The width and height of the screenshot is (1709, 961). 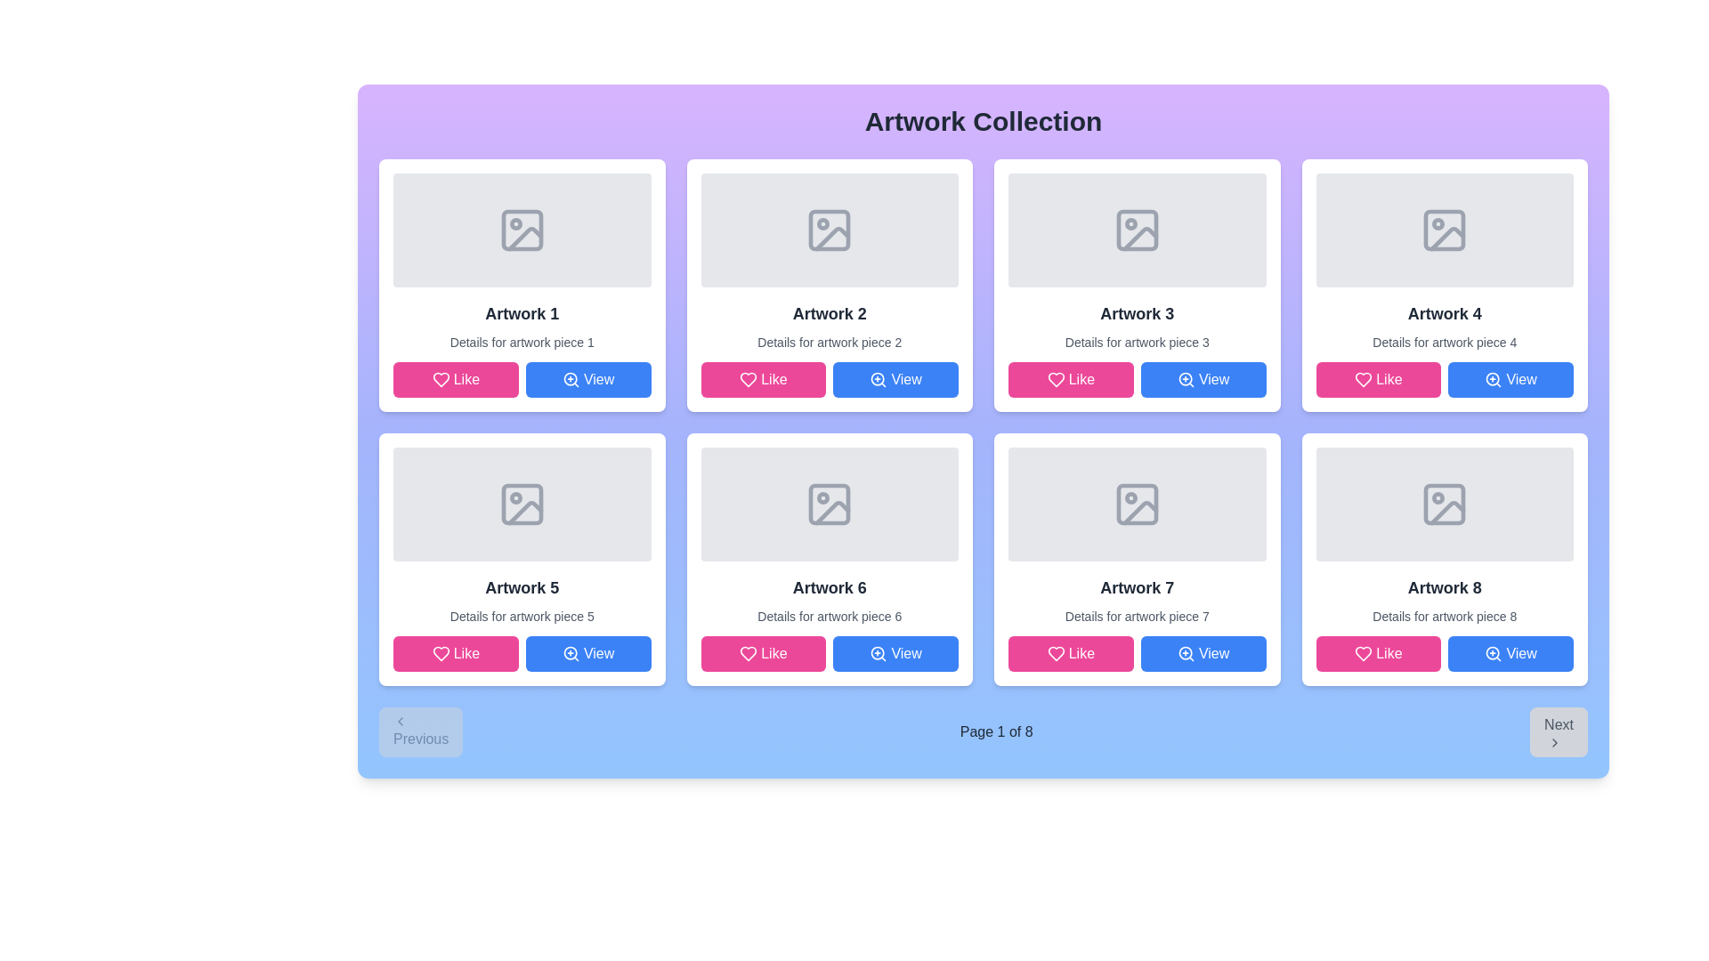 I want to click on the image placeholder located in the card labeled 'Artwork 8', which is situated in the lower right corner of the grid layout, so click(x=1445, y=505).